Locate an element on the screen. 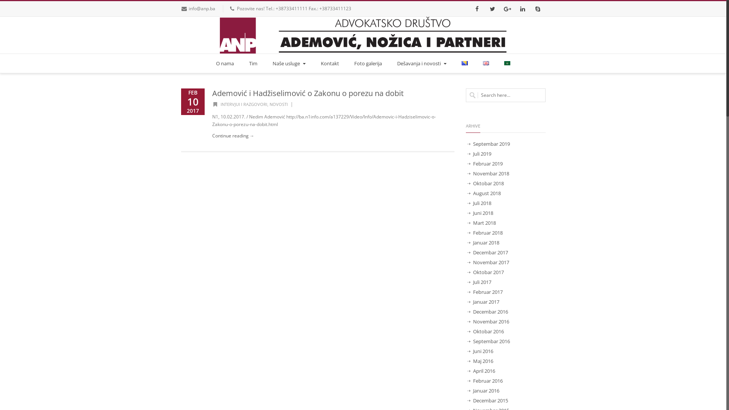 The image size is (729, 410). 'Oktobar 2017' is located at coordinates (466, 272).